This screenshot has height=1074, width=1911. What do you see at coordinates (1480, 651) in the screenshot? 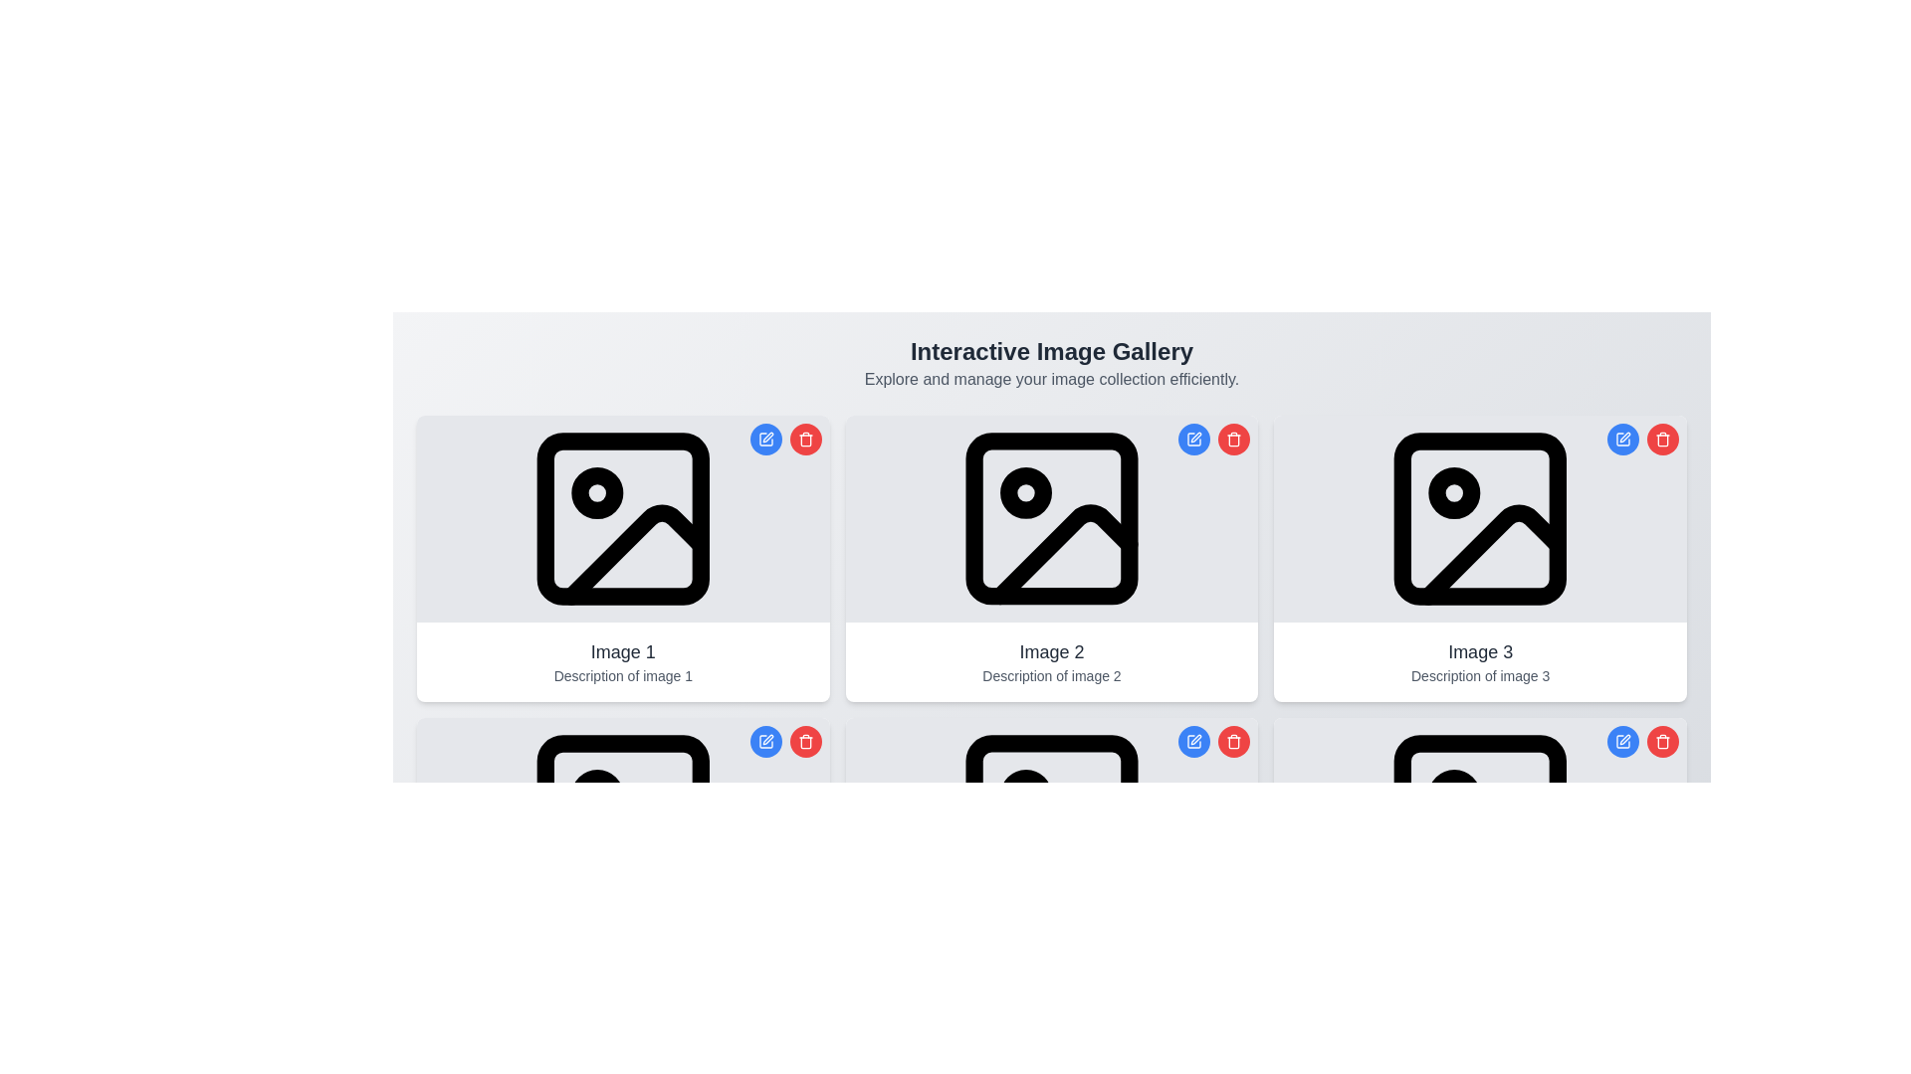
I see `the text label displaying 'Image 3', which is styled in a larger font with medium weight and a dark gray color, located above additional descriptive text in the lower section of its card` at bounding box center [1480, 651].